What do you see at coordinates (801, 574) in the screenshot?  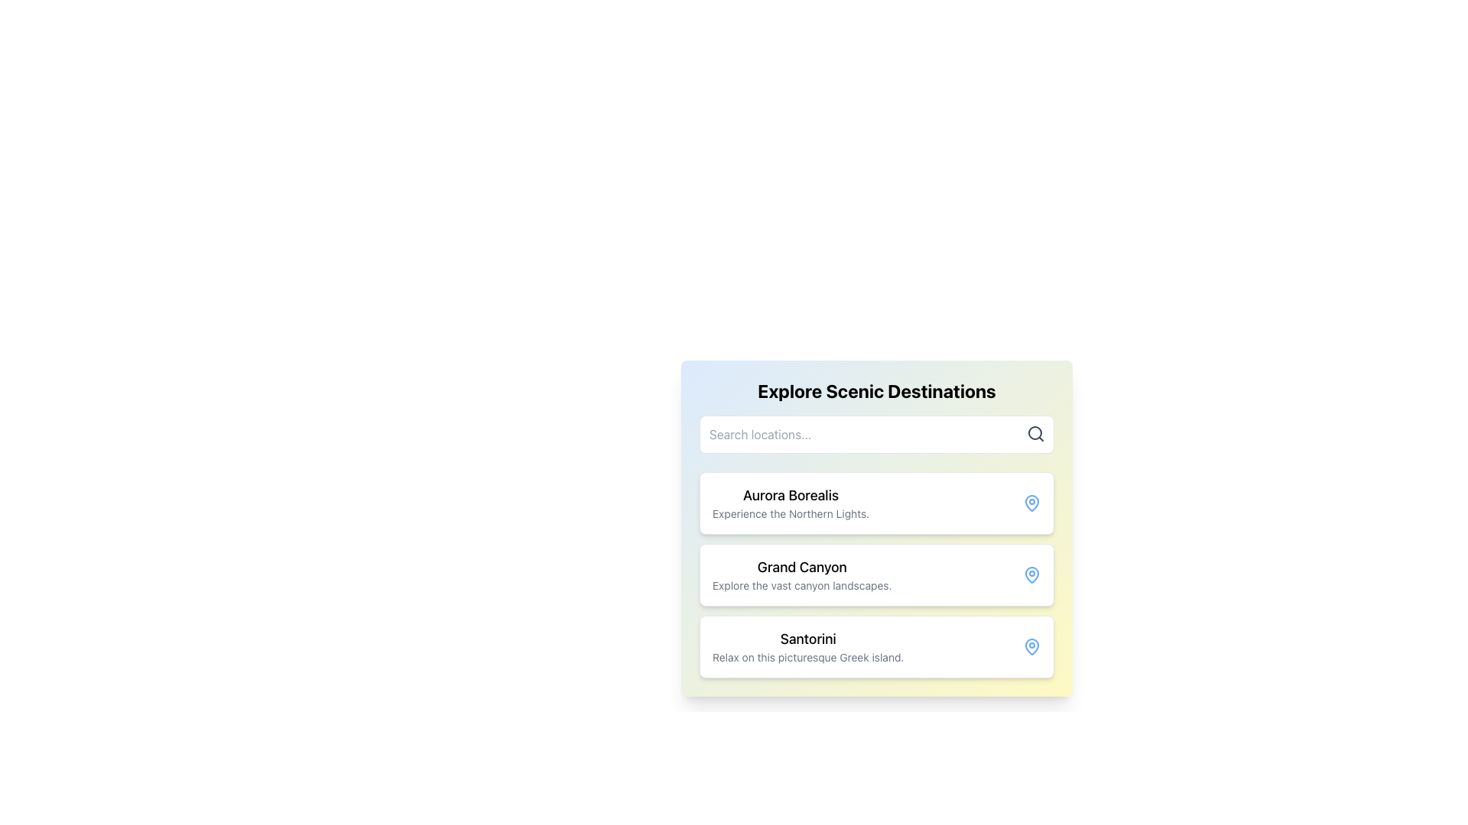 I see `the second list item displaying information about the Grand Canyon` at bounding box center [801, 574].